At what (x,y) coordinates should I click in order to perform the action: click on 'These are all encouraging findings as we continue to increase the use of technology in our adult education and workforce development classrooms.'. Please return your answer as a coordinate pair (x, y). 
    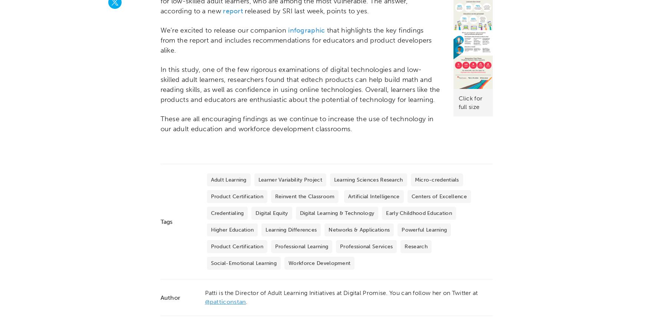
    Looking at the image, I should click on (297, 124).